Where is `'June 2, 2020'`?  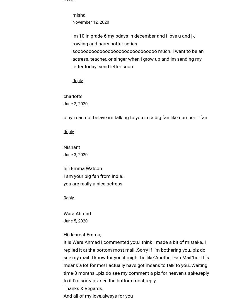 'June 2, 2020' is located at coordinates (75, 103).